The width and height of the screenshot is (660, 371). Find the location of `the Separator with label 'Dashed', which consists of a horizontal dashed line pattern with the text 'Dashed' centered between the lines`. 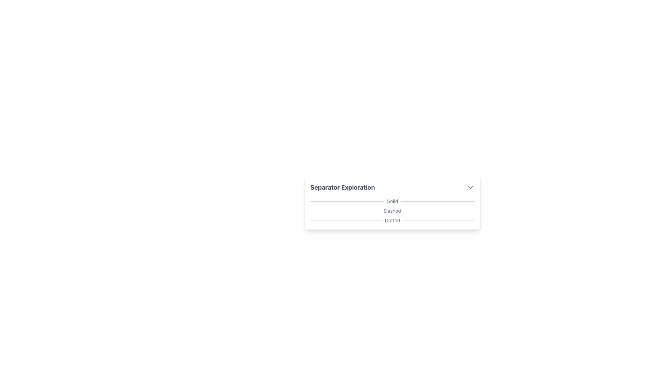

the Separator with label 'Dashed', which consists of a horizontal dashed line pattern with the text 'Dashed' centered between the lines is located at coordinates (393, 210).